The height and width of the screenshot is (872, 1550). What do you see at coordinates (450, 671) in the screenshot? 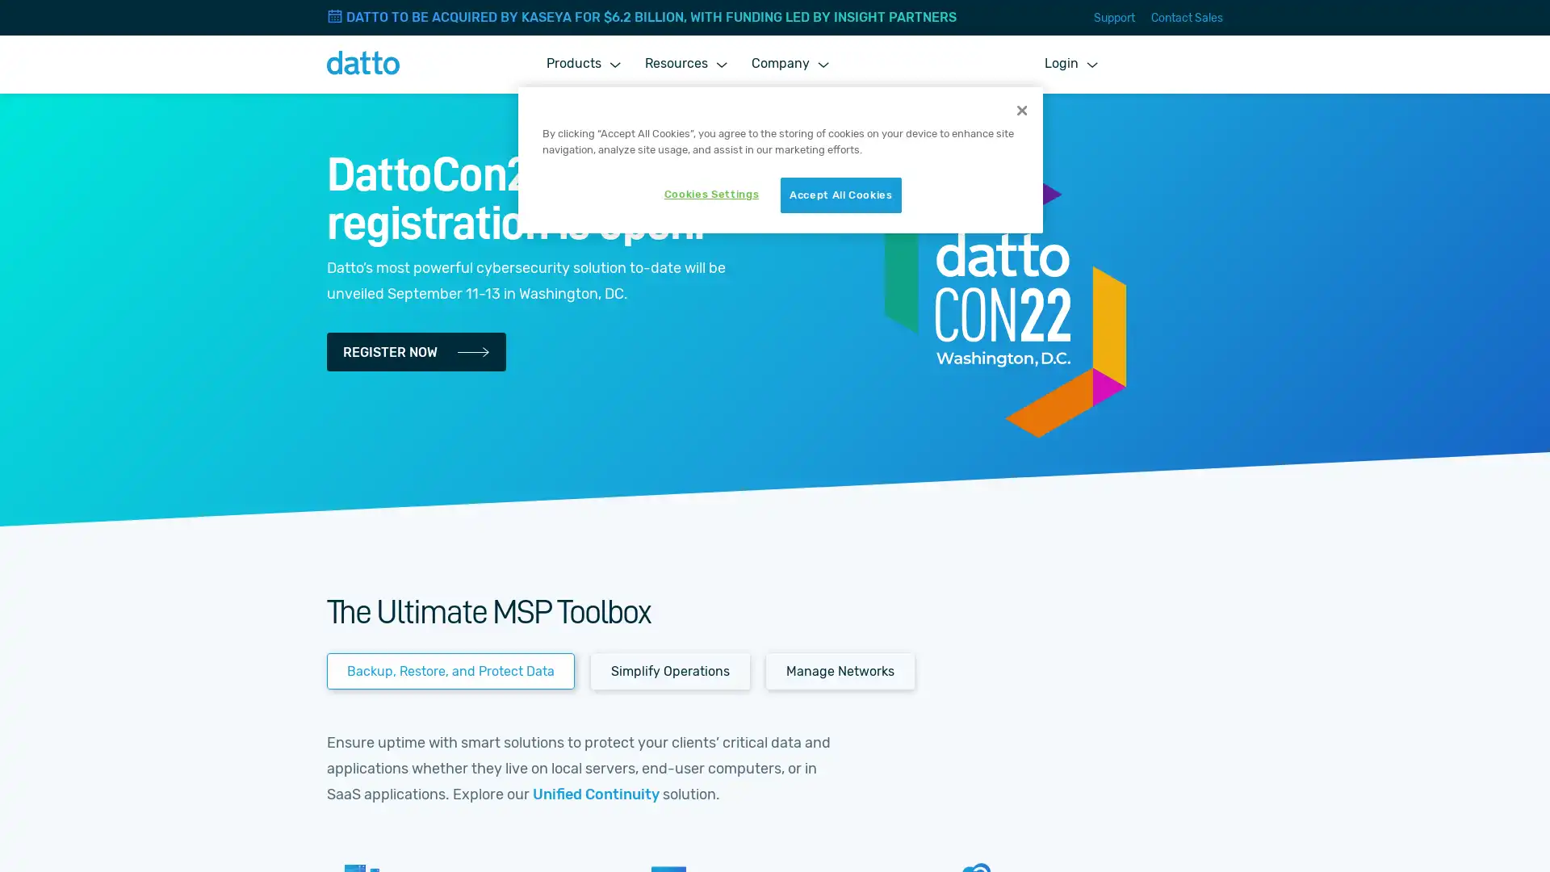
I see `Backup, Restore, and Protect Data` at bounding box center [450, 671].